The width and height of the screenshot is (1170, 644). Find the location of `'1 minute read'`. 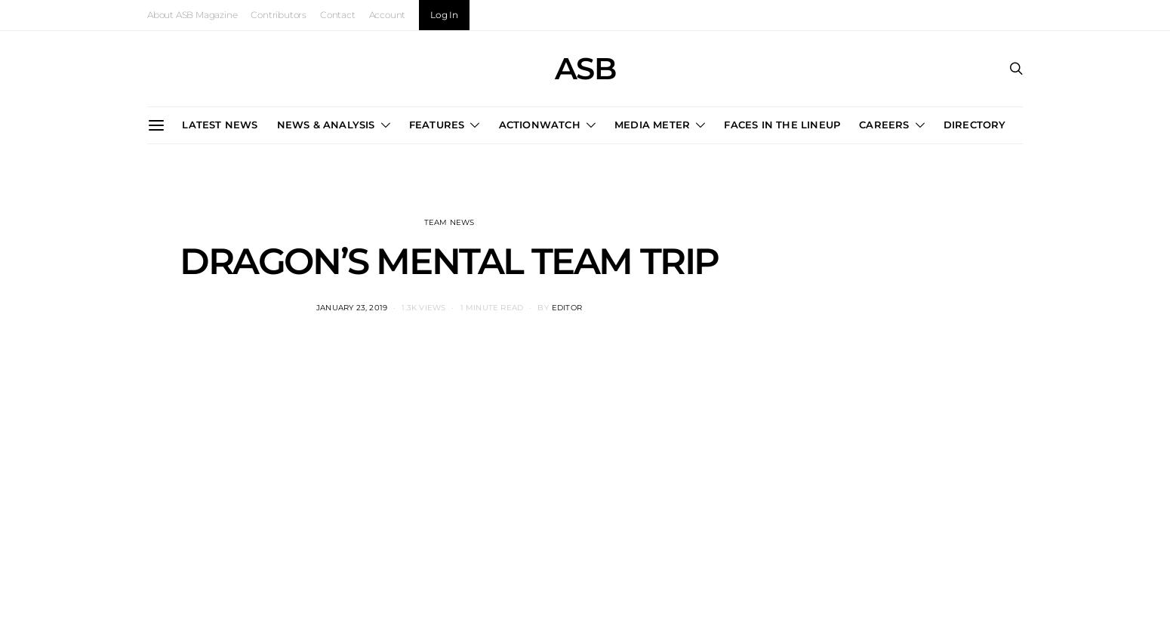

'1 minute read' is located at coordinates (491, 306).